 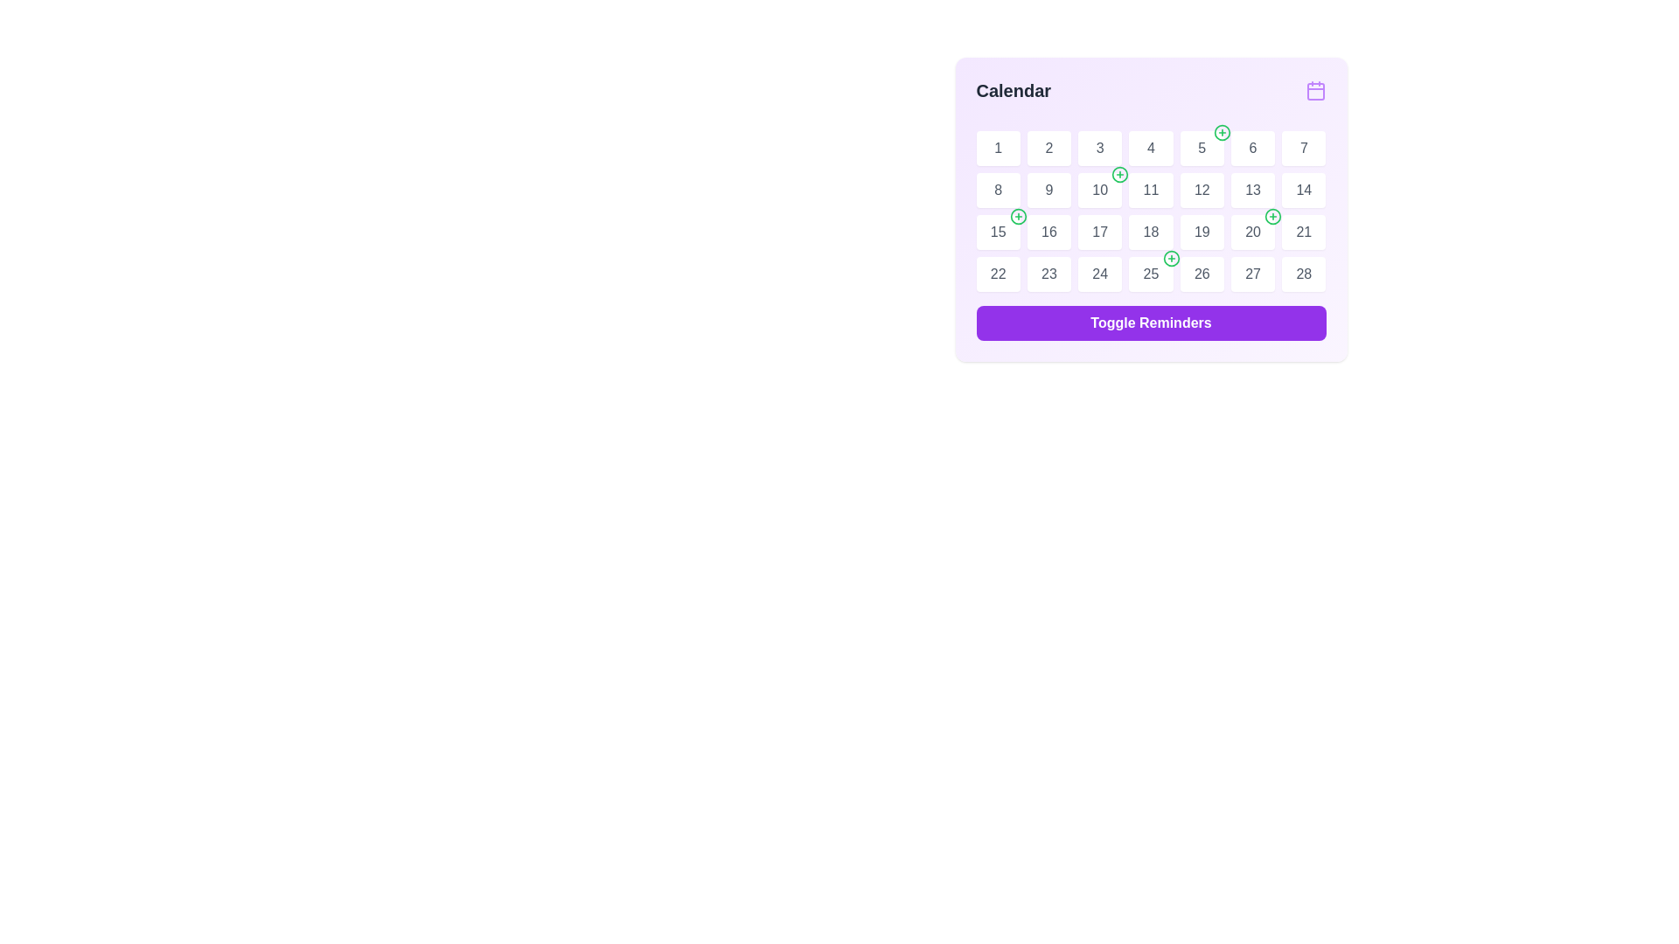 What do you see at coordinates (1252, 147) in the screenshot?
I see `the text label displaying the number '6' in gray font color, located in the second row and sixth column of the calendar grid` at bounding box center [1252, 147].